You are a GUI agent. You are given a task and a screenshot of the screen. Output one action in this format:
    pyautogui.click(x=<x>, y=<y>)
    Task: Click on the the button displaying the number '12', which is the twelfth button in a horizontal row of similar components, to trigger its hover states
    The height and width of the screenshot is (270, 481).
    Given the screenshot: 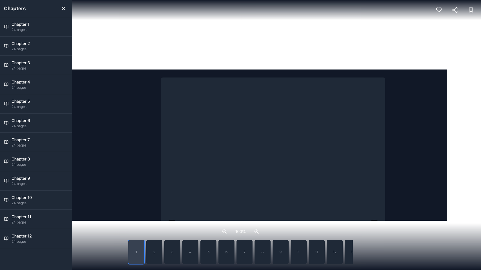 What is the action you would take?
    pyautogui.click(x=334, y=252)
    